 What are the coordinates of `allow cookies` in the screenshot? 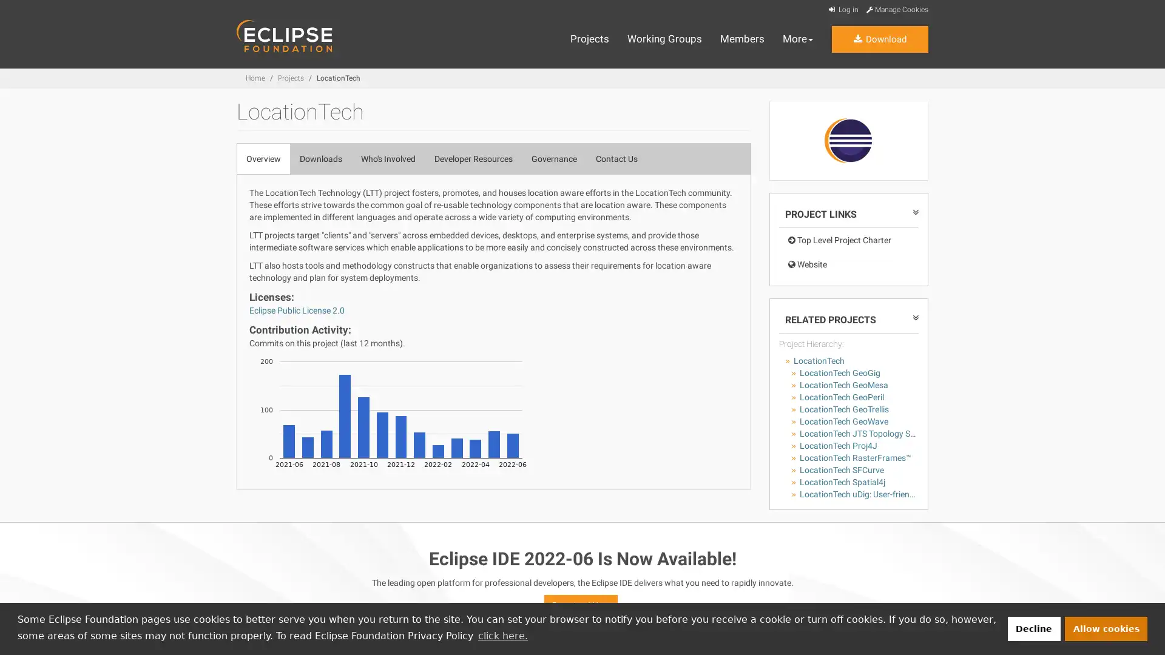 It's located at (1106, 628).